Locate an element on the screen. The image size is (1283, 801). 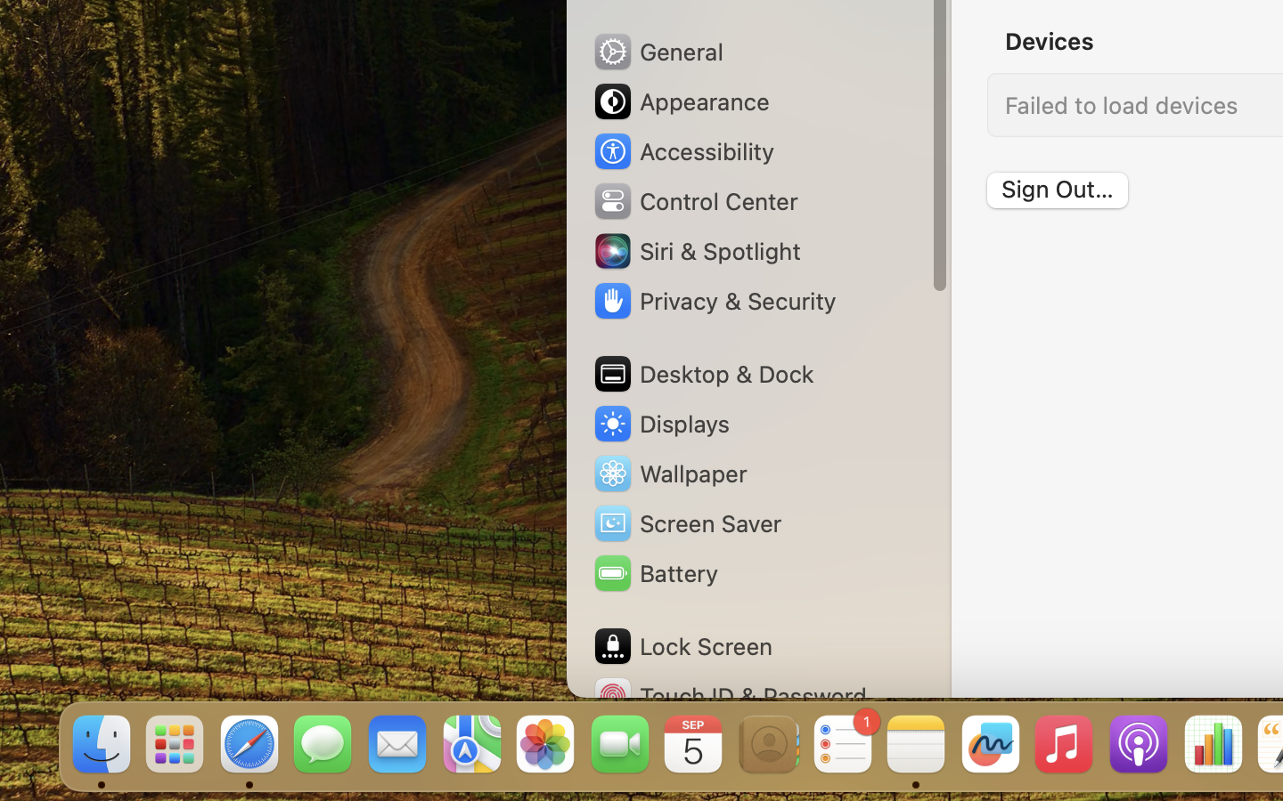
'General' is located at coordinates (656, 50).